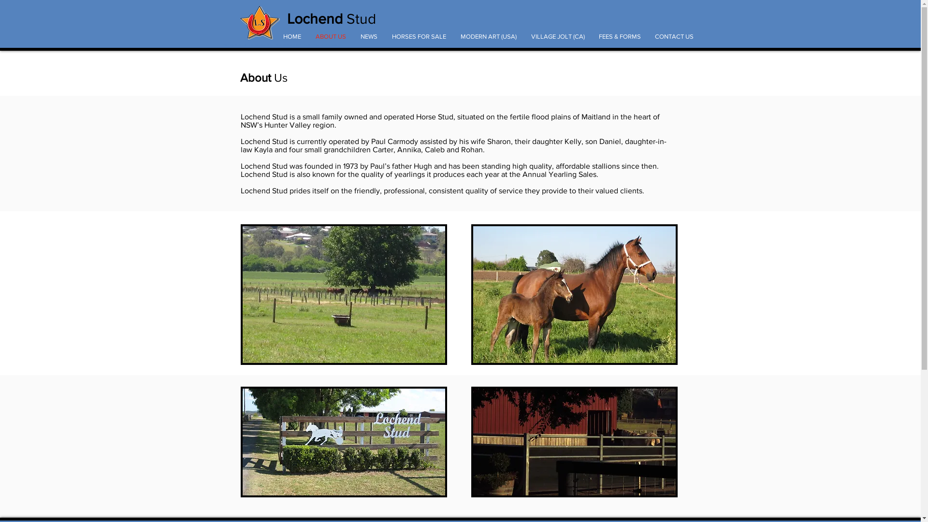 The height and width of the screenshot is (522, 928). Describe the element at coordinates (331, 36) in the screenshot. I see `'ABOUT US'` at that location.